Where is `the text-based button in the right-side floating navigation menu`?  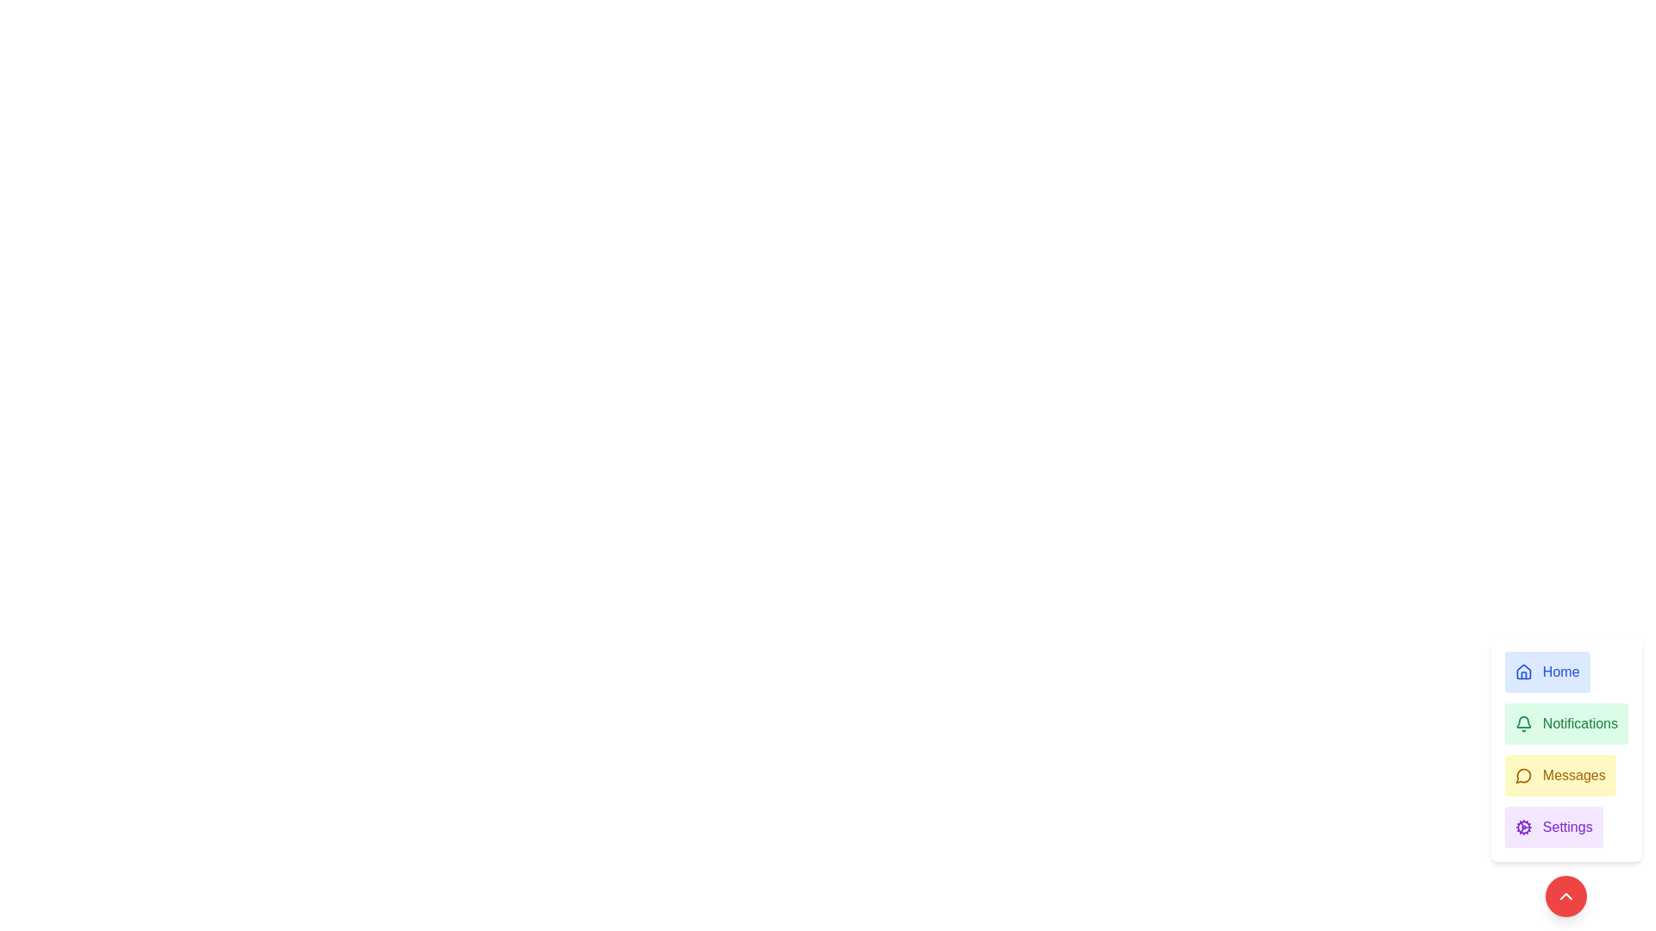 the text-based button in the right-side floating navigation menu is located at coordinates (1580, 724).